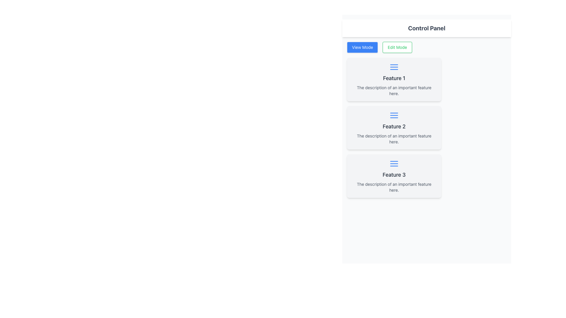 Image resolution: width=566 pixels, height=318 pixels. What do you see at coordinates (427, 28) in the screenshot?
I see `the 'Control Panel' header text, which is displayed in bold, extra-large gray font at the top-center of the user interface` at bounding box center [427, 28].